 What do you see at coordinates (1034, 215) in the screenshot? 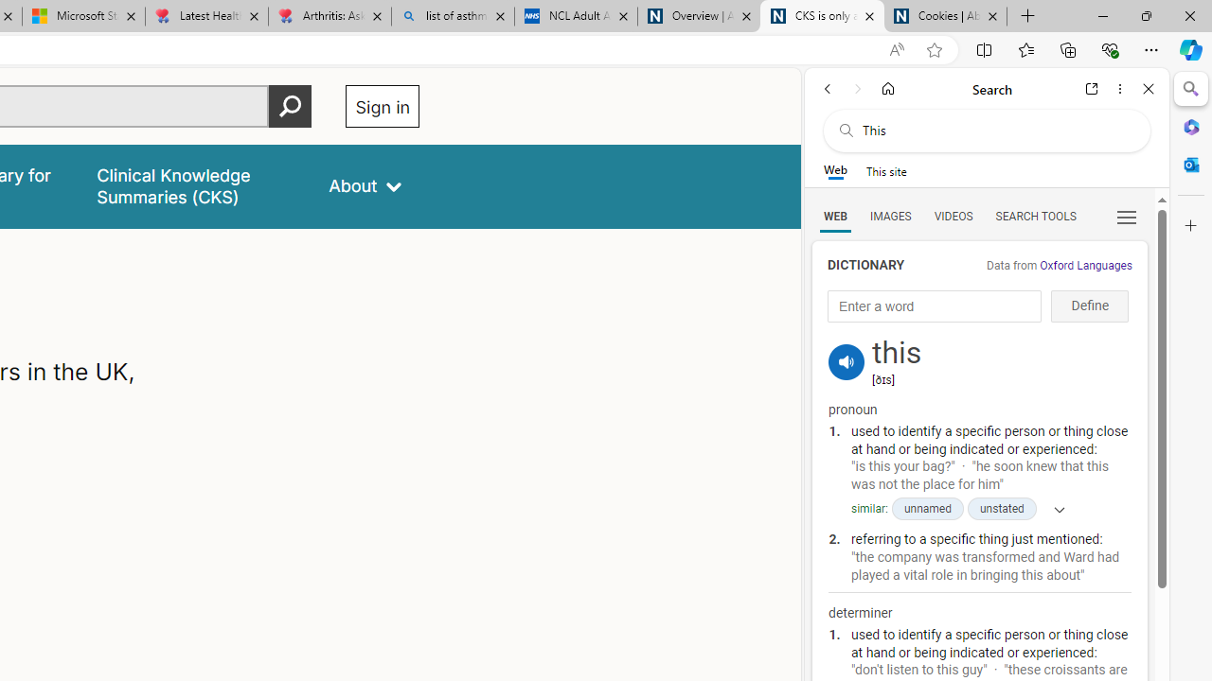
I see `'Search Filter, Search Tools'` at bounding box center [1034, 215].